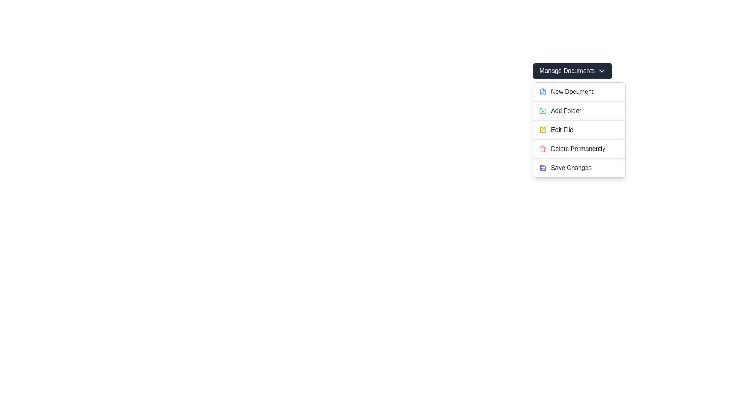  What do you see at coordinates (542, 91) in the screenshot?
I see `the 'New Document' icon located within the 'Manage Documents' dropdown menu, which serves as a visual identifier for this menu item` at bounding box center [542, 91].